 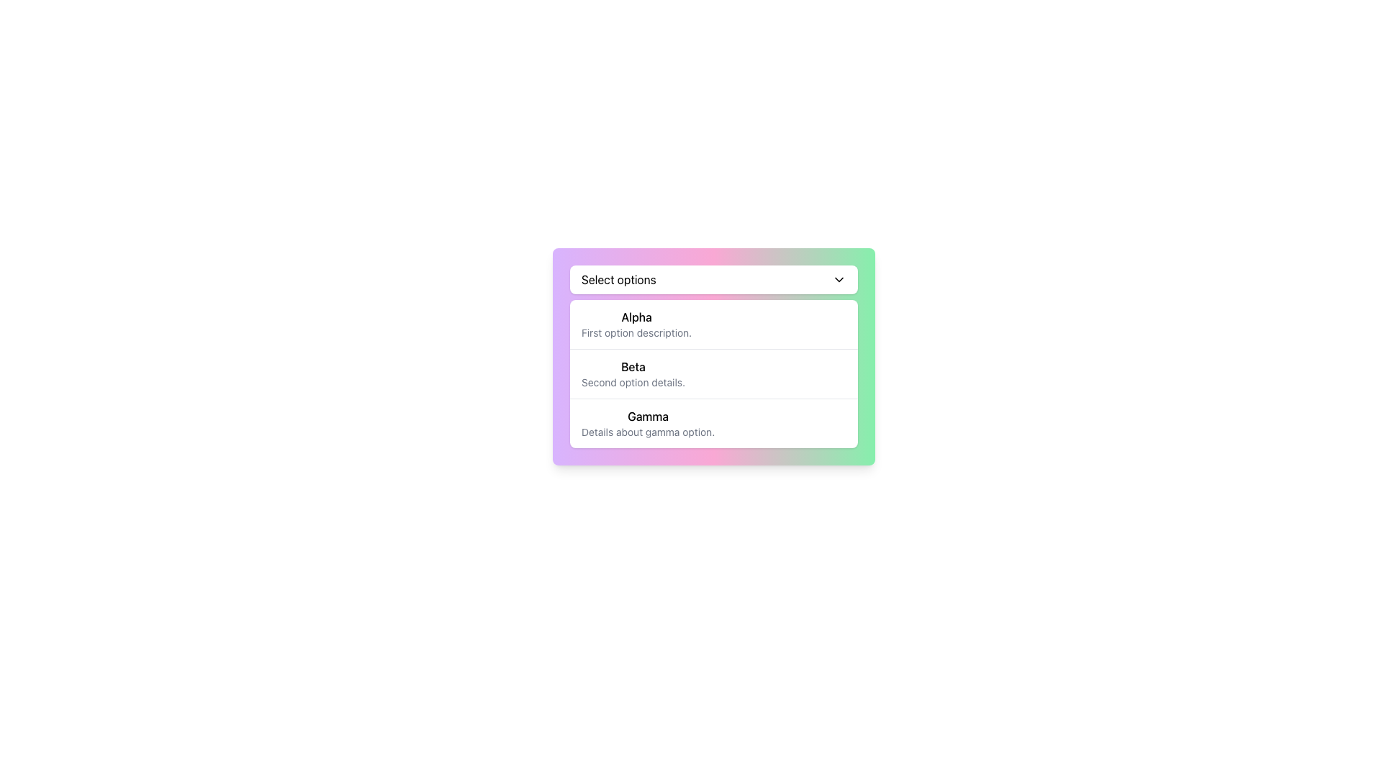 What do you see at coordinates (647, 416) in the screenshot?
I see `the text label displaying 'Gamma', which identifies the third option in the dropdown menu, located below the 'Beta' option` at bounding box center [647, 416].